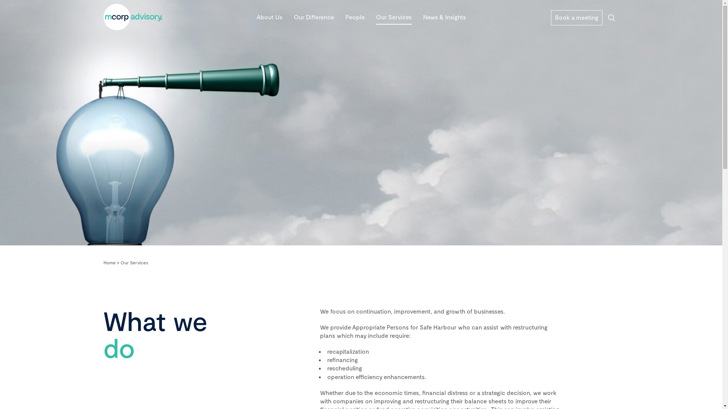  Describe the element at coordinates (256, 17) in the screenshot. I see `'About Us'` at that location.